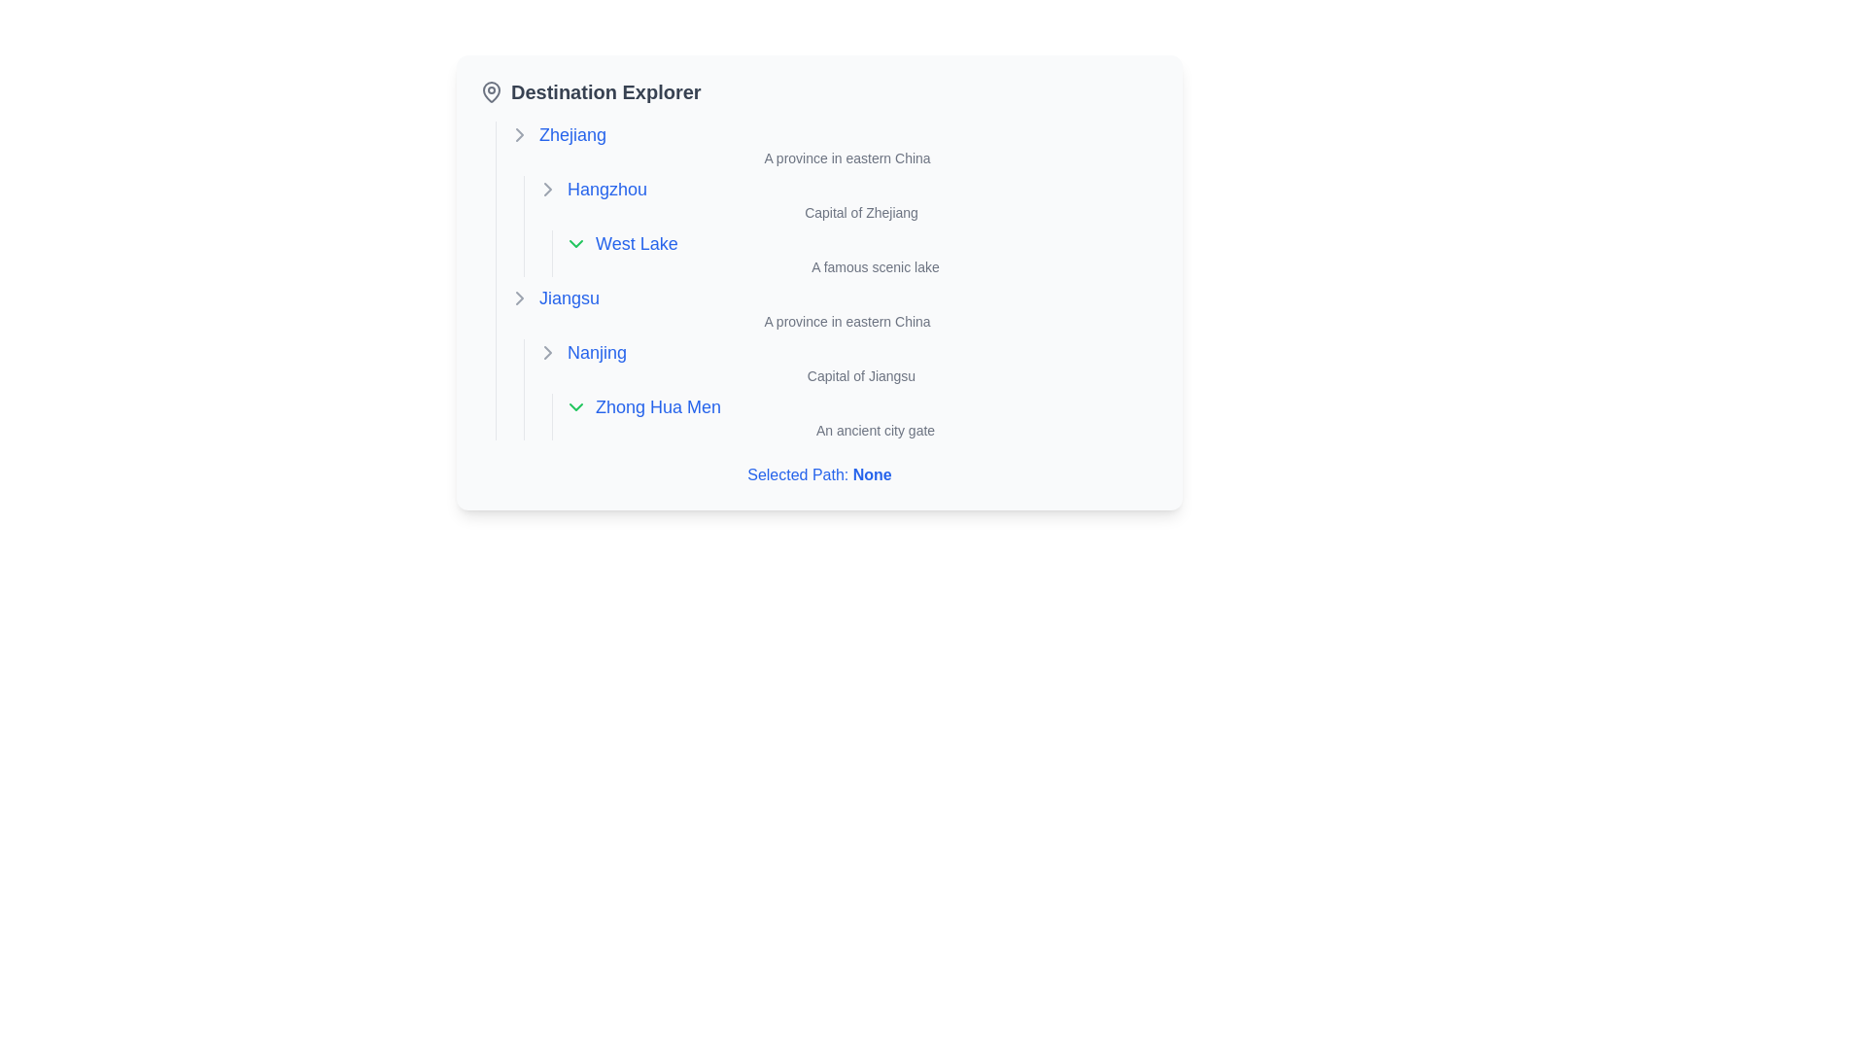 The height and width of the screenshot is (1050, 1866). I want to click on the Text Label that describes 'Nanjing', indicating its status as the capital of Jiangsu, located under the header 'Jiangsu' in the 'Destination Explorer' section, so click(841, 390).